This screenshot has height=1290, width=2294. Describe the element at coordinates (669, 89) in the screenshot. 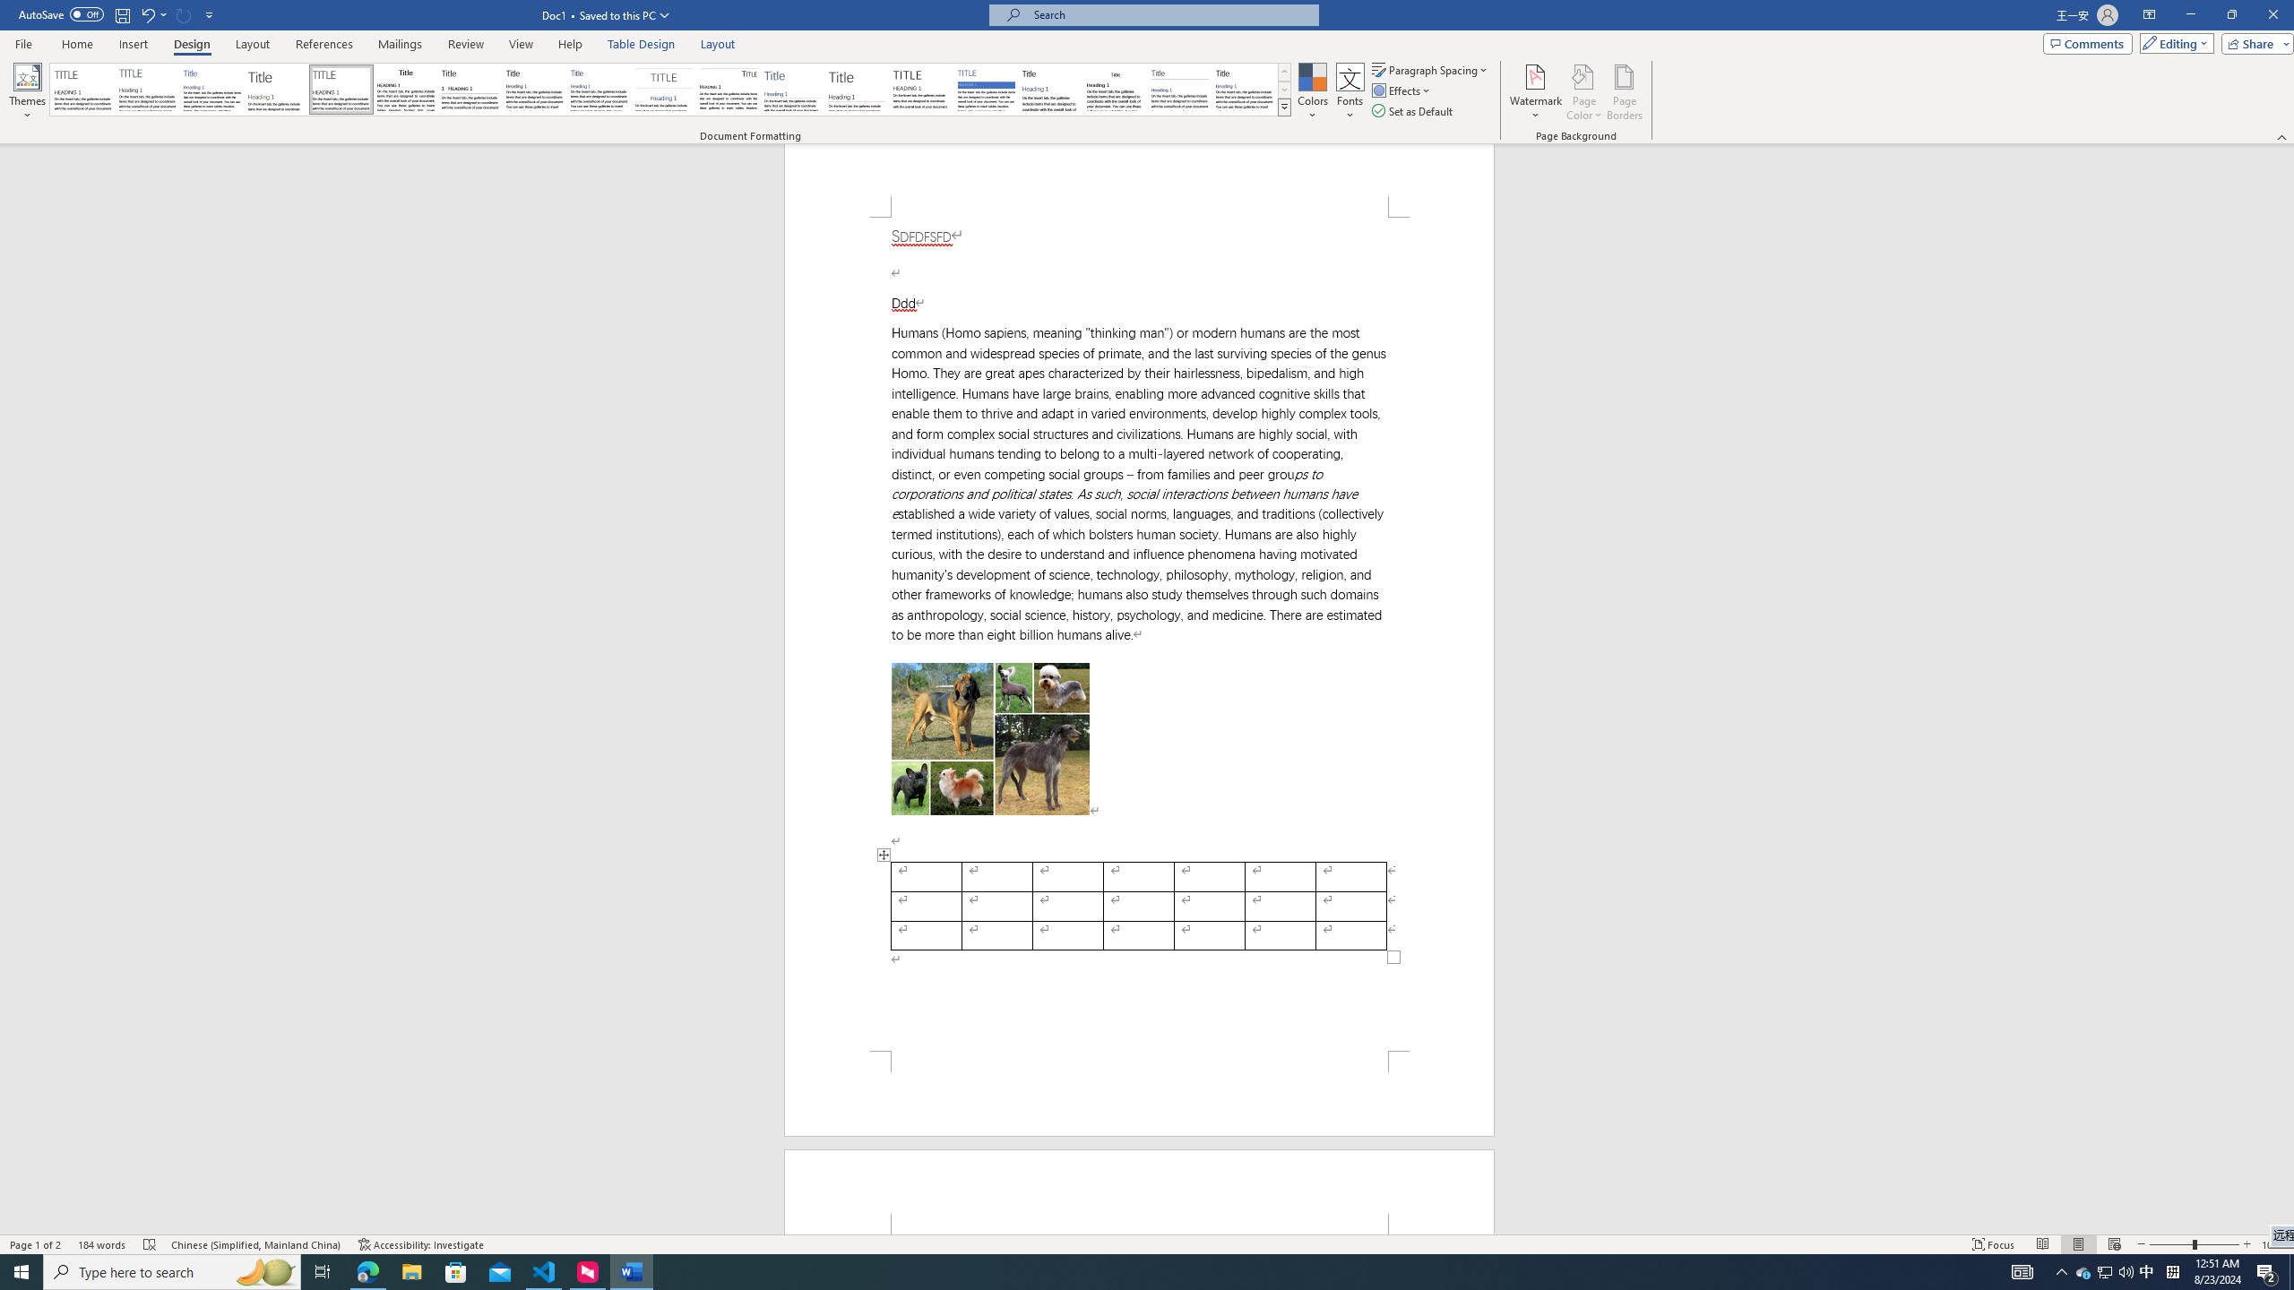

I see `'AutomationID: QuickStylesSets'` at that location.